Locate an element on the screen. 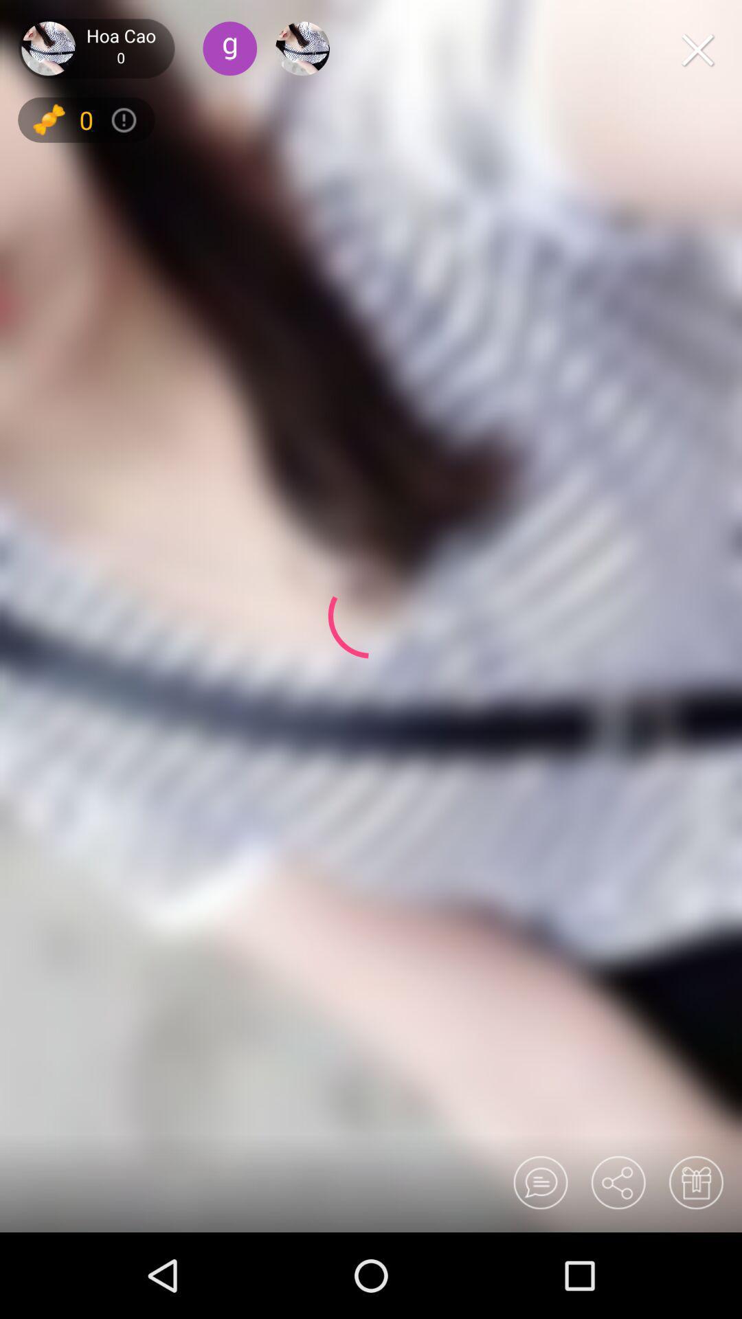 Image resolution: width=742 pixels, height=1319 pixels. the share icon is located at coordinates (617, 1182).